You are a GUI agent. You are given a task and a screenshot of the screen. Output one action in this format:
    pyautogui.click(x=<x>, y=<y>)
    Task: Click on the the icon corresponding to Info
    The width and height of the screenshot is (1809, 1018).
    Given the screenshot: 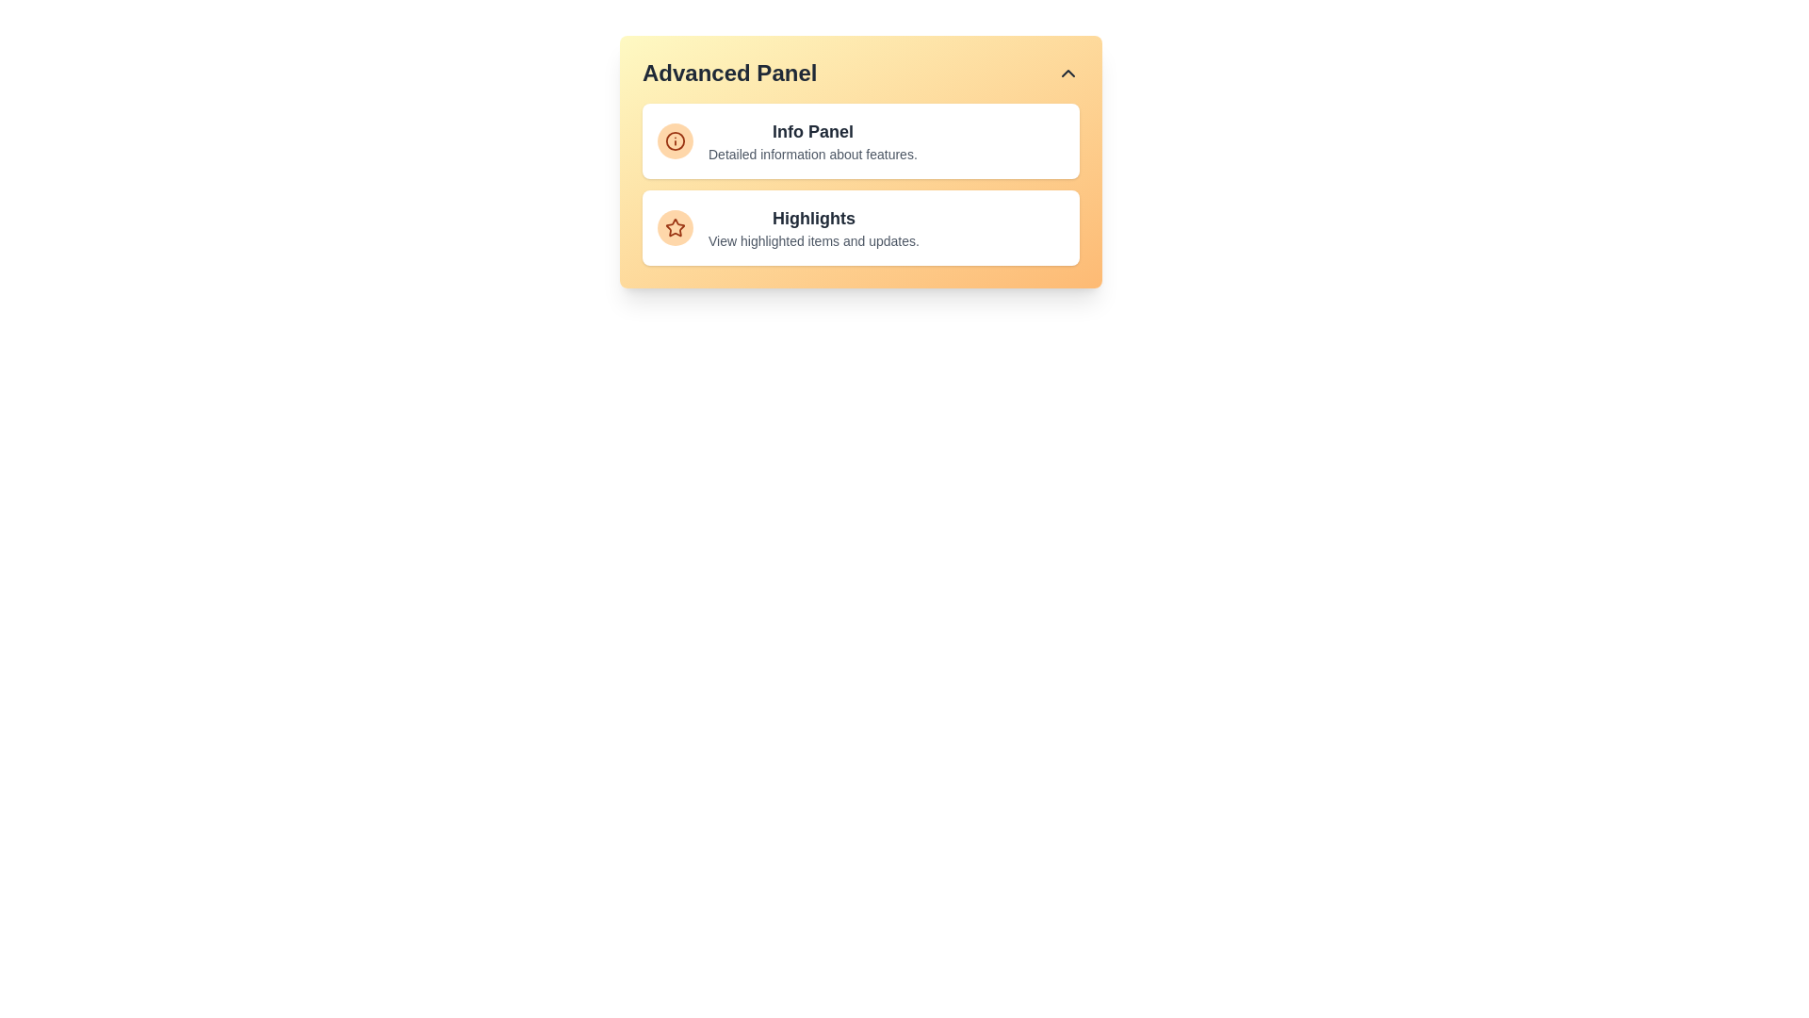 What is the action you would take?
    pyautogui.click(x=675, y=140)
    